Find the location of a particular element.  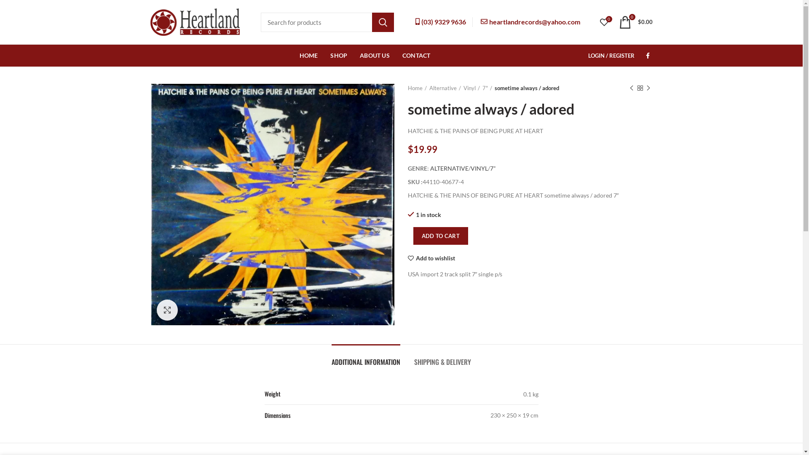

'ADDITIONAL INFORMATION' is located at coordinates (331, 357).